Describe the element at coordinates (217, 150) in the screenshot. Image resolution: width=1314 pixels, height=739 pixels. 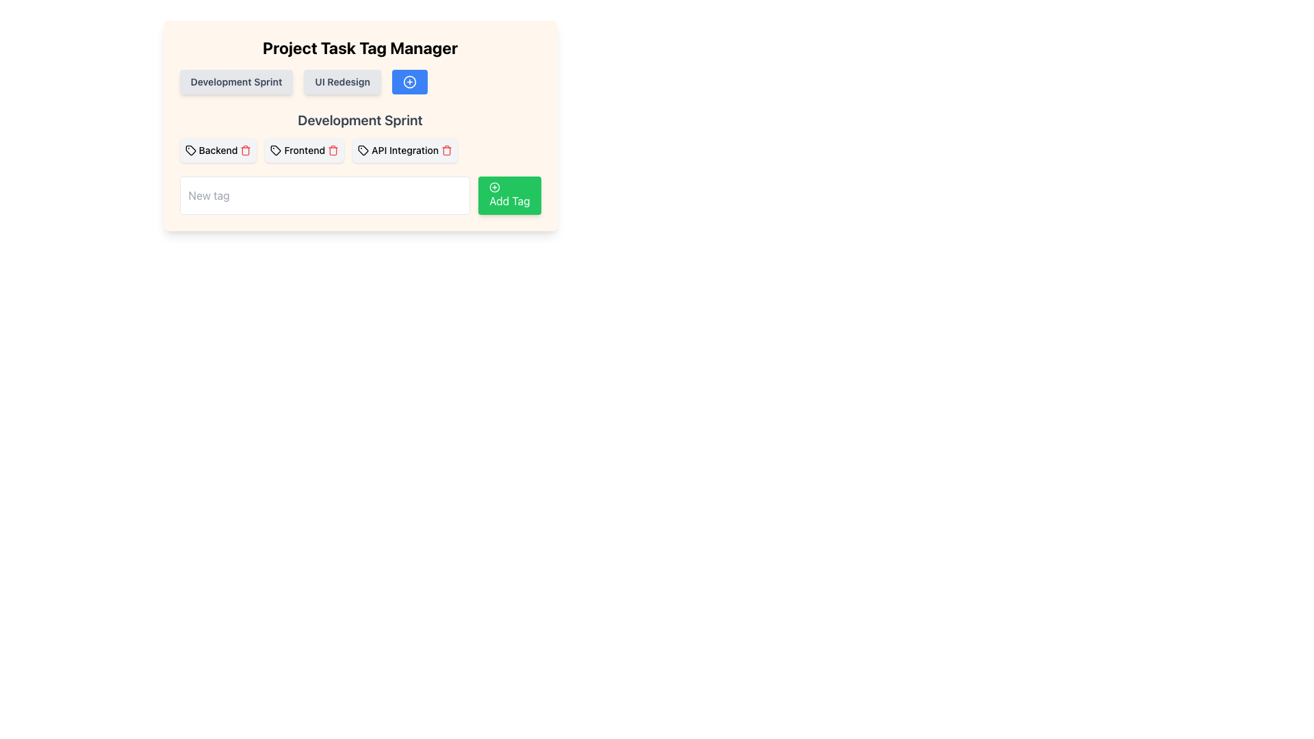
I see `the Badge with the action icon labeled 'Backend' in the 'Development Sprint' section, which is the leftmost badge among similar badges` at that location.